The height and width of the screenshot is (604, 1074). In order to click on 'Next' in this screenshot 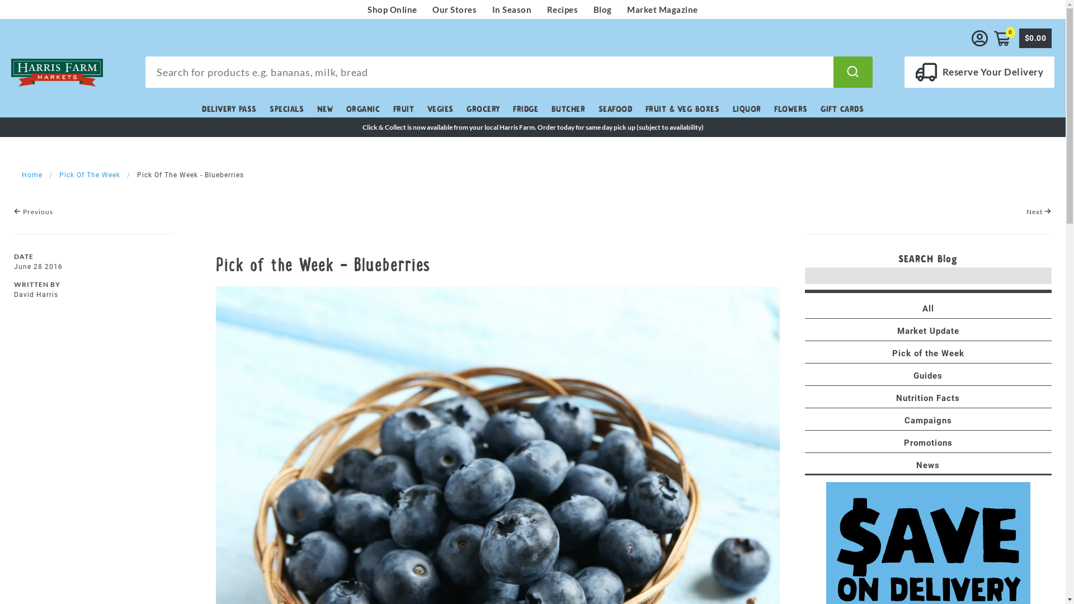, I will do `click(1038, 211)`.